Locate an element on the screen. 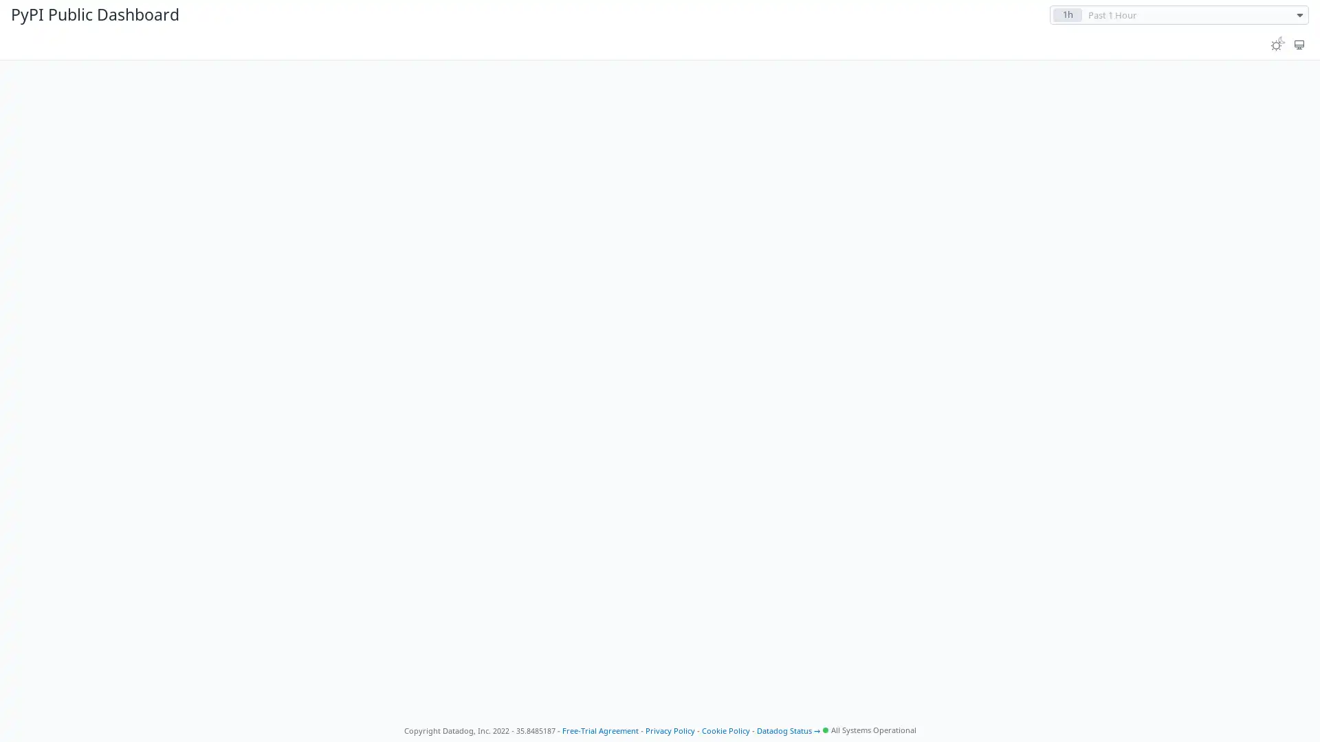 This screenshot has height=742, width=1320. Toggle between light and dark theme is located at coordinates (1276, 43).